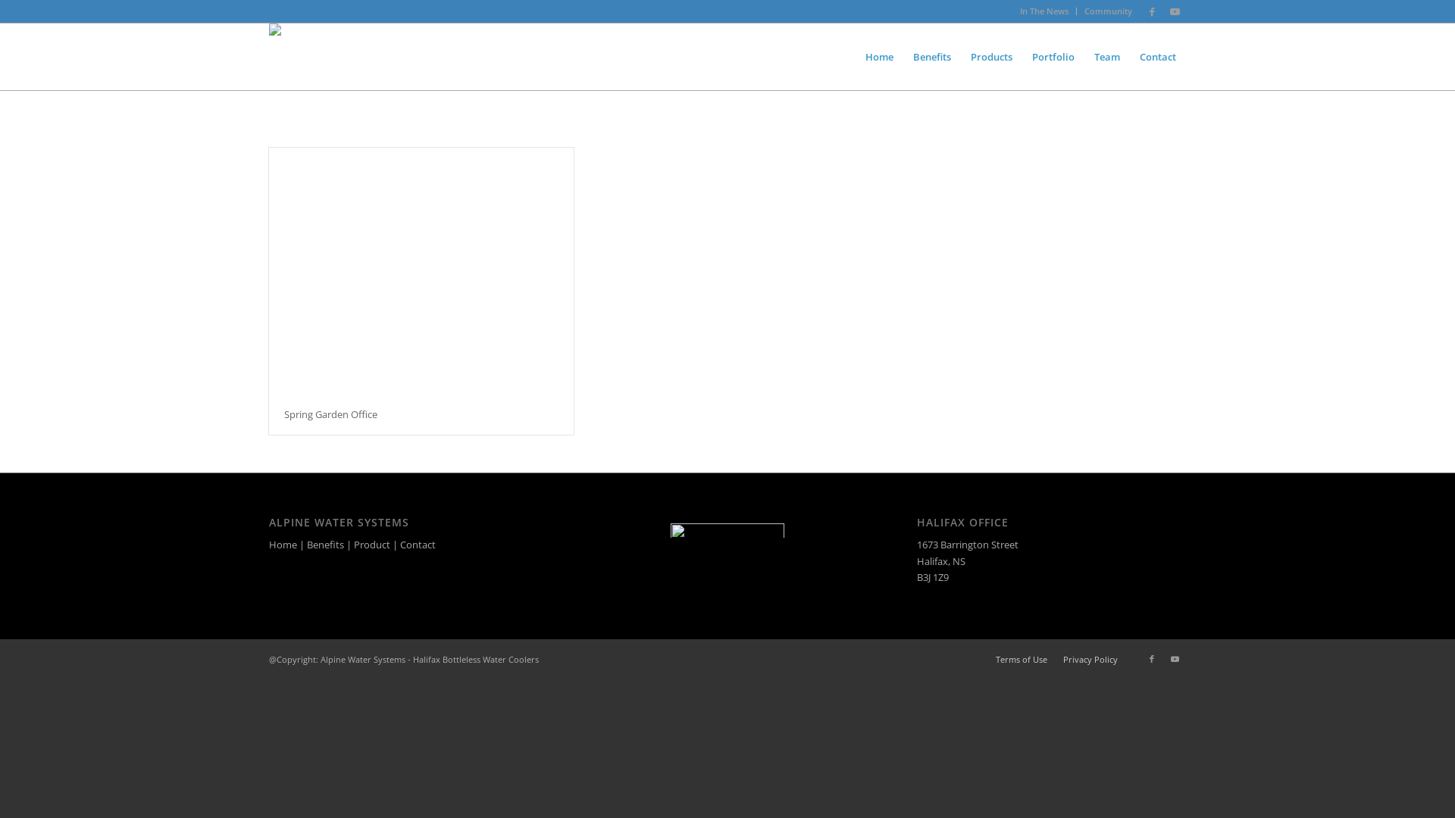 The image size is (1455, 818). I want to click on 'Privacy Policy', so click(1090, 658).